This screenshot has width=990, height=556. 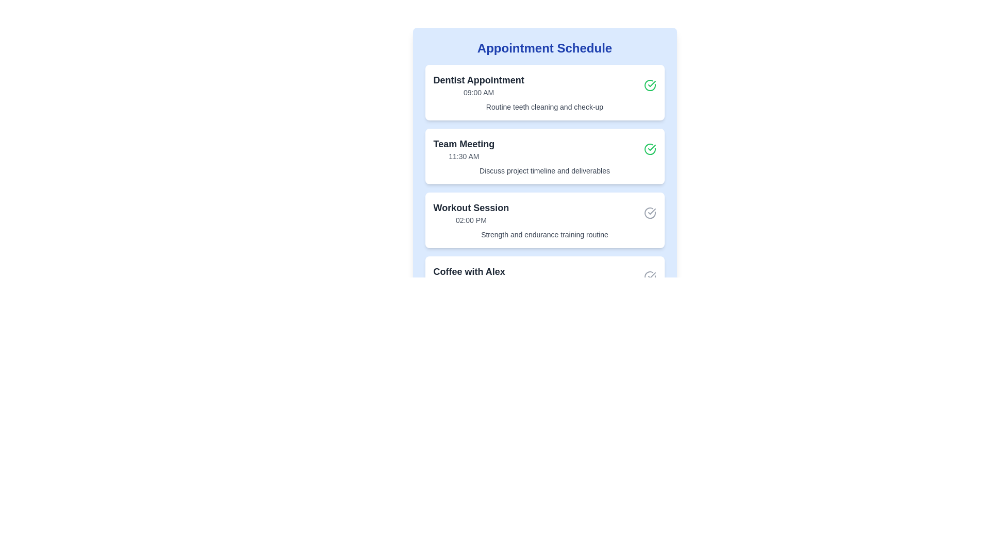 What do you see at coordinates (544, 157) in the screenshot?
I see `details displayed on the 'Team Meeting' card component, which is the second item in the vertical list under 'Appointment Schedule.'` at bounding box center [544, 157].